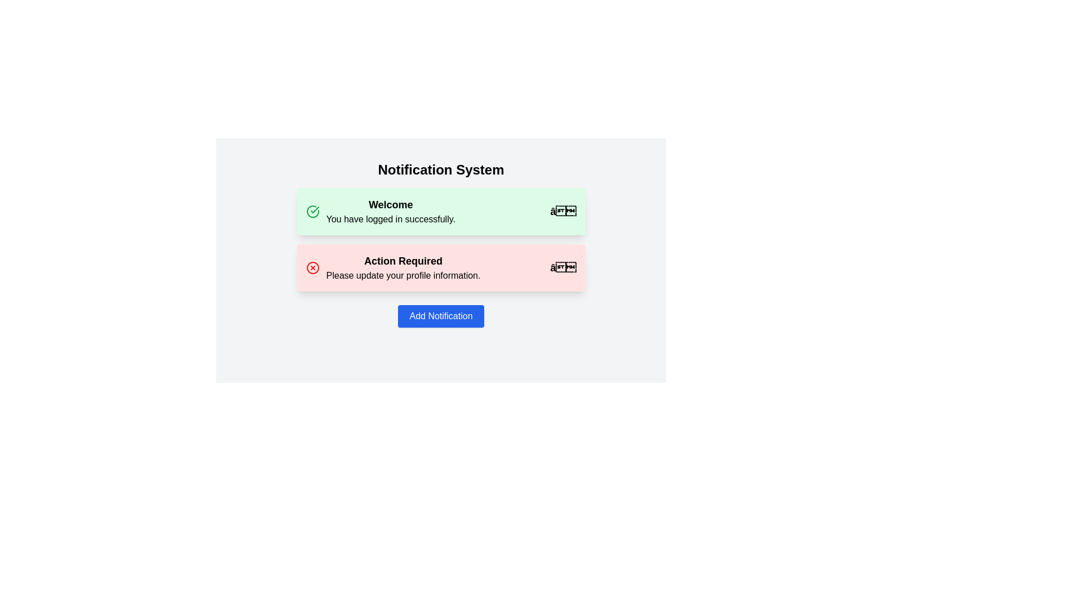 The image size is (1081, 608). Describe the element at coordinates (312, 211) in the screenshot. I see `the confirmation icon located at the leftmost side of the 'Welcome' notification box, adjacent to the text 'Welcome You have logged in successfully.'` at that location.